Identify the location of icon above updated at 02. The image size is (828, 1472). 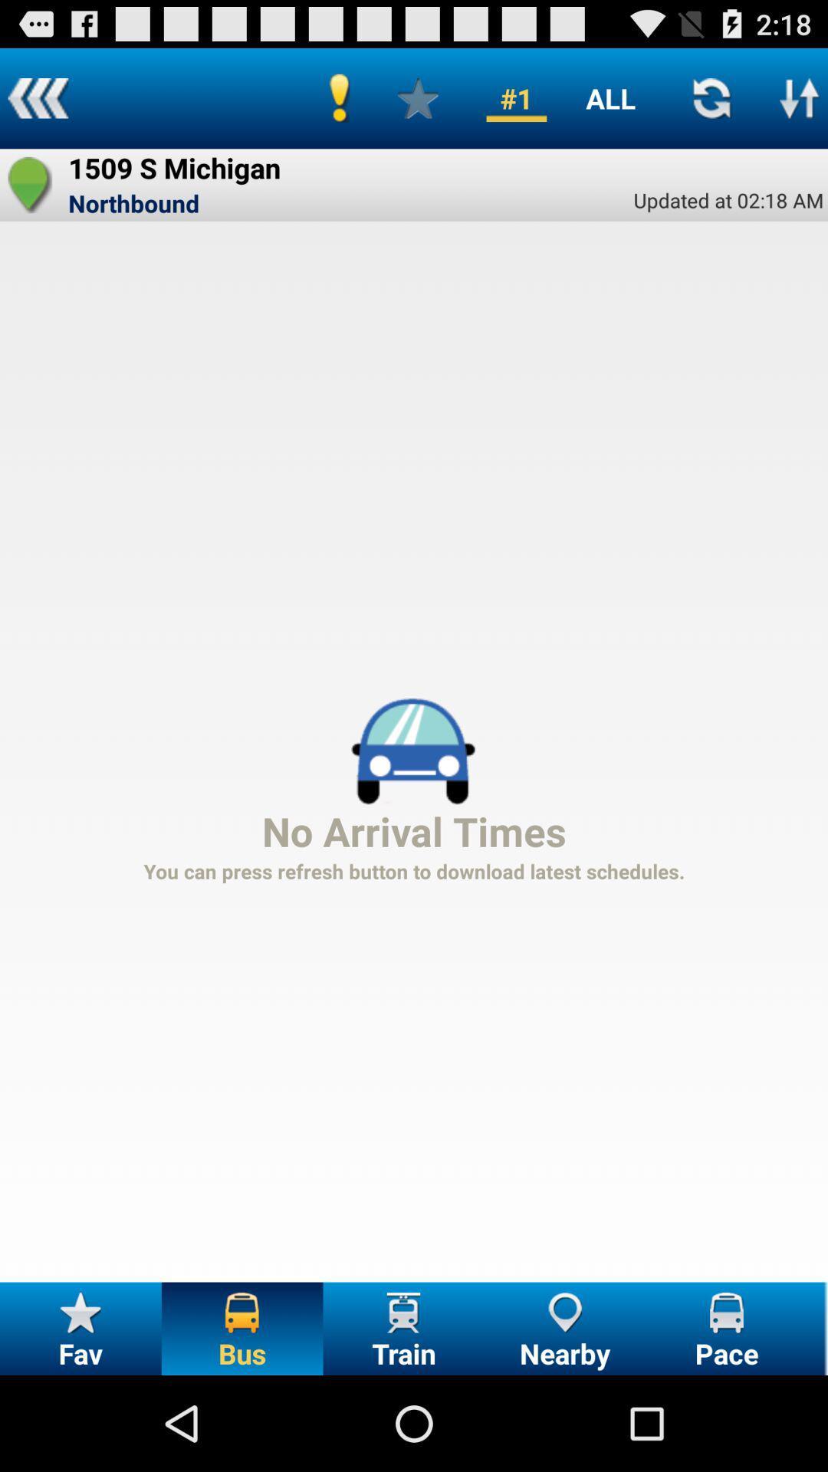
(609, 97).